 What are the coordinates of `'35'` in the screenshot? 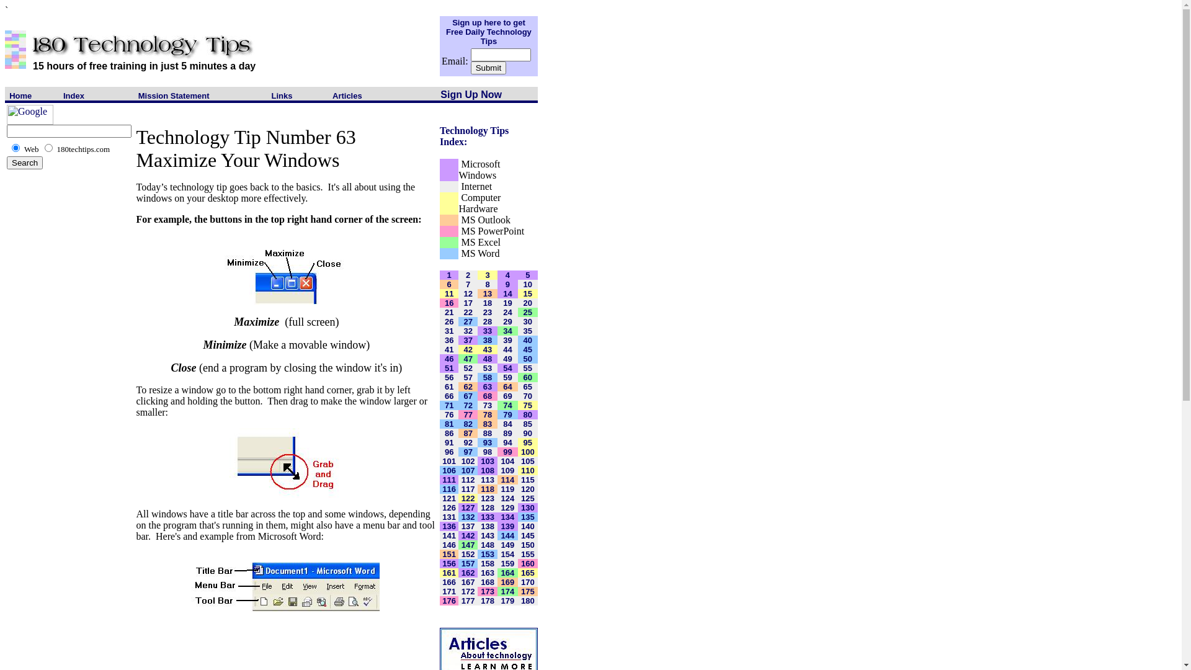 It's located at (527, 330).